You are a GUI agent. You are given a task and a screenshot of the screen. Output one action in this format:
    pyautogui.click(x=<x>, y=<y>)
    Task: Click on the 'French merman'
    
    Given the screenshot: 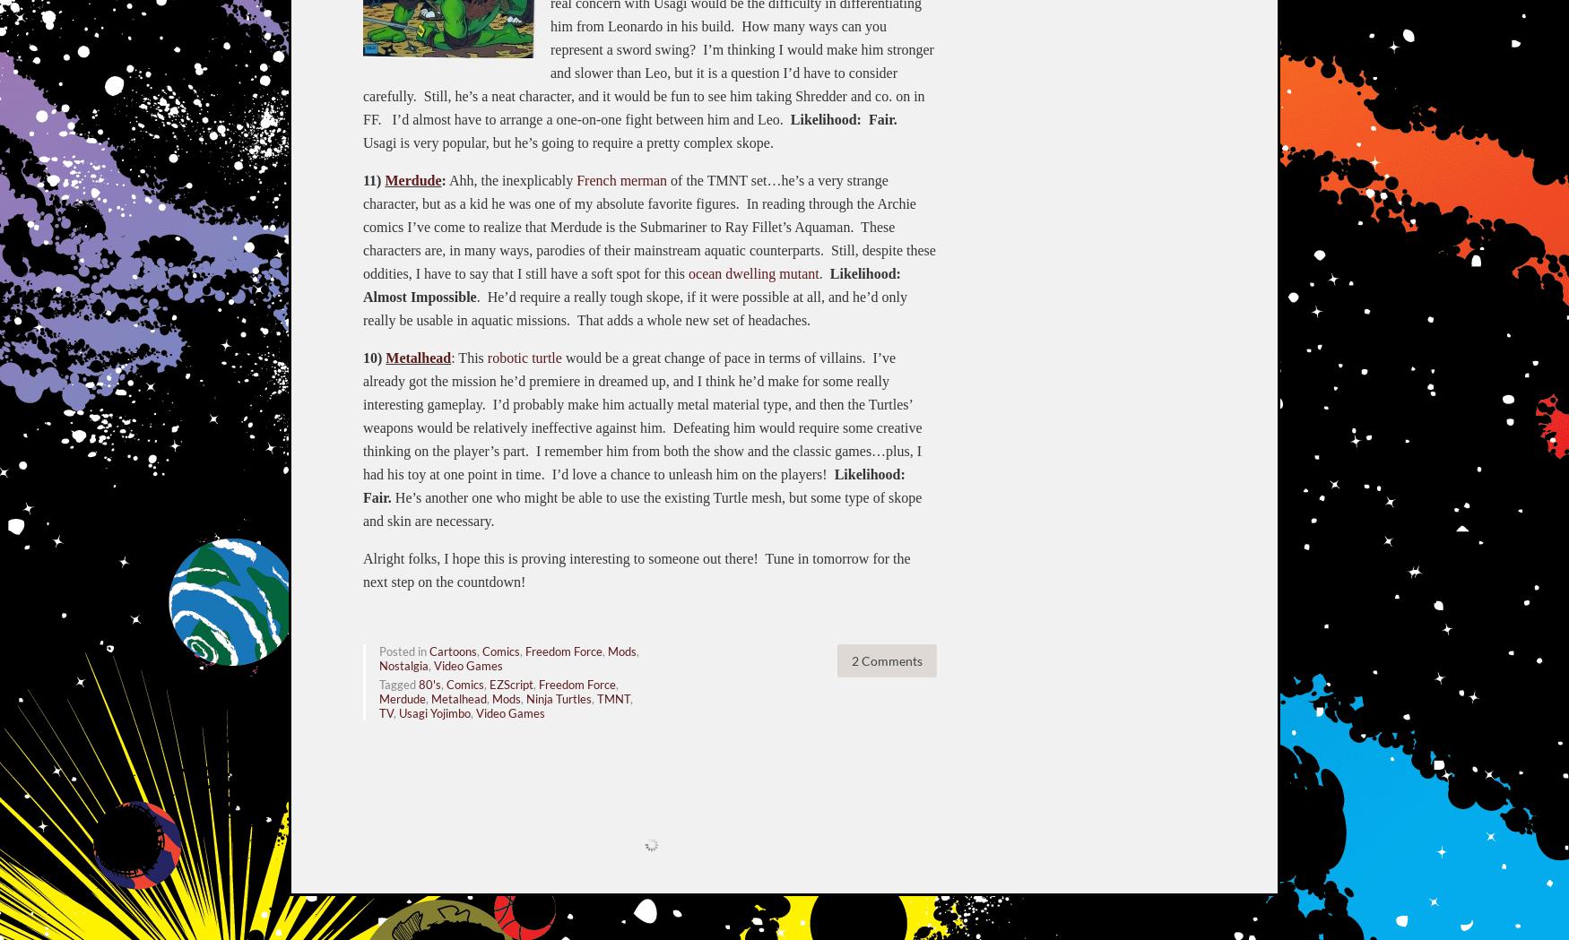 What is the action you would take?
    pyautogui.click(x=621, y=178)
    